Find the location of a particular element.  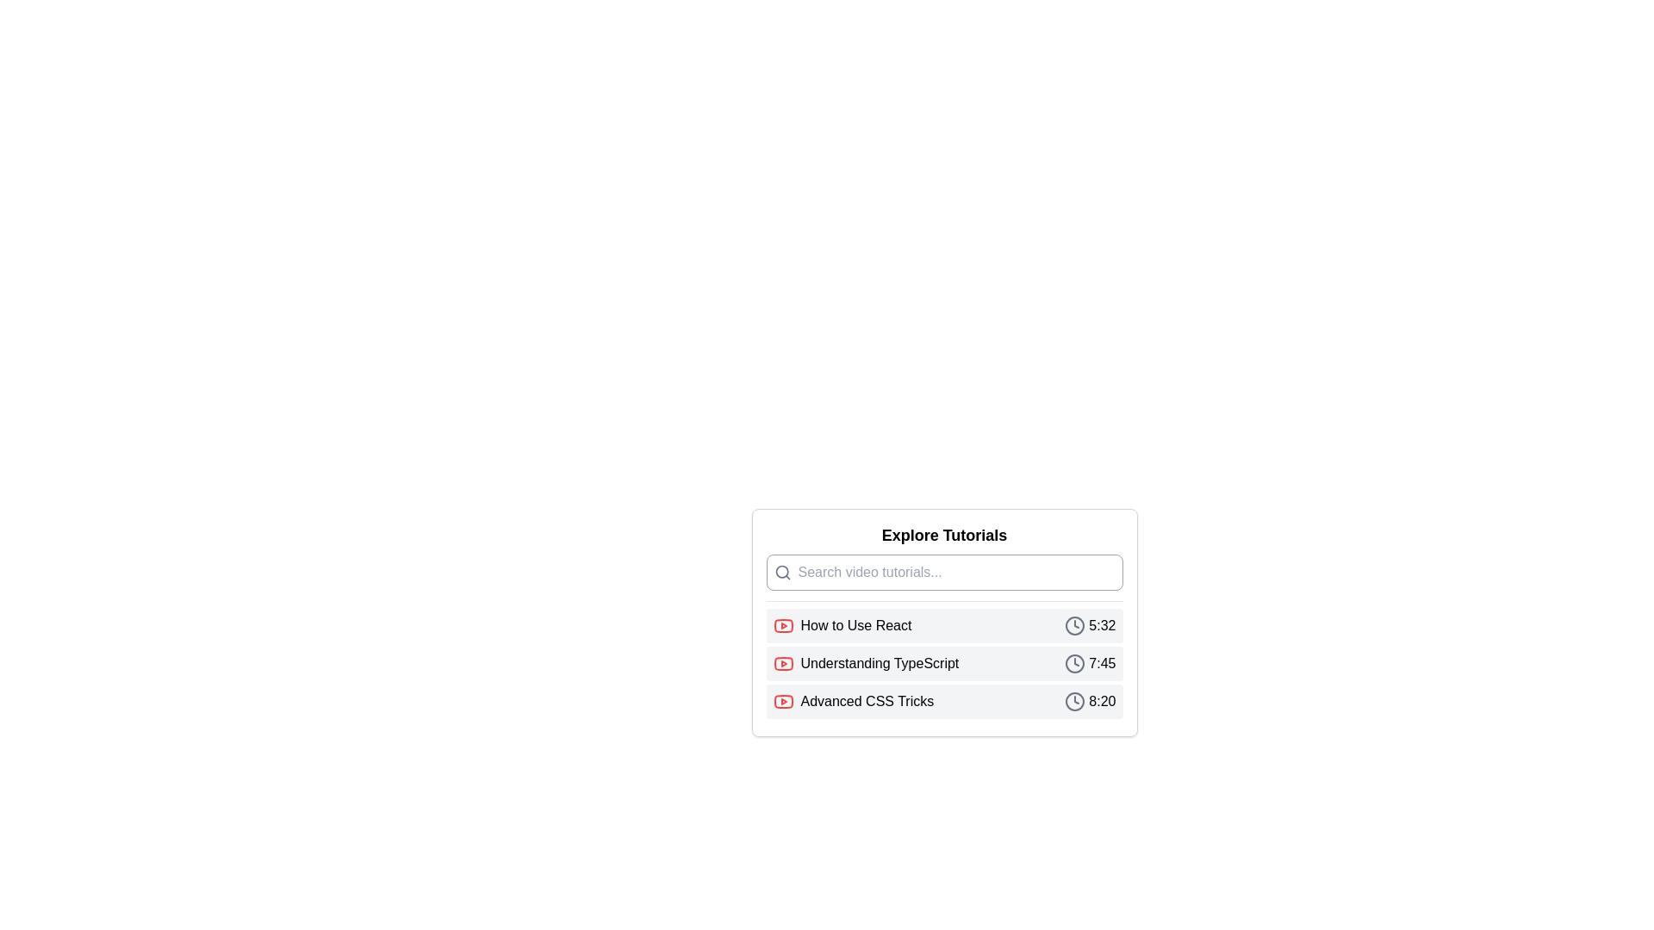

the time indicator element that displays the duration for the 'Advanced CSS Tricks' tutorial, which is the third in the list of tutorial times is located at coordinates (1089, 701).